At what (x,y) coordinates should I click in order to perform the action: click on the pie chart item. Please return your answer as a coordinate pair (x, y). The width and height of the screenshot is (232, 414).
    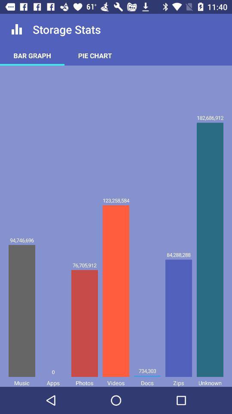
    Looking at the image, I should click on (95, 55).